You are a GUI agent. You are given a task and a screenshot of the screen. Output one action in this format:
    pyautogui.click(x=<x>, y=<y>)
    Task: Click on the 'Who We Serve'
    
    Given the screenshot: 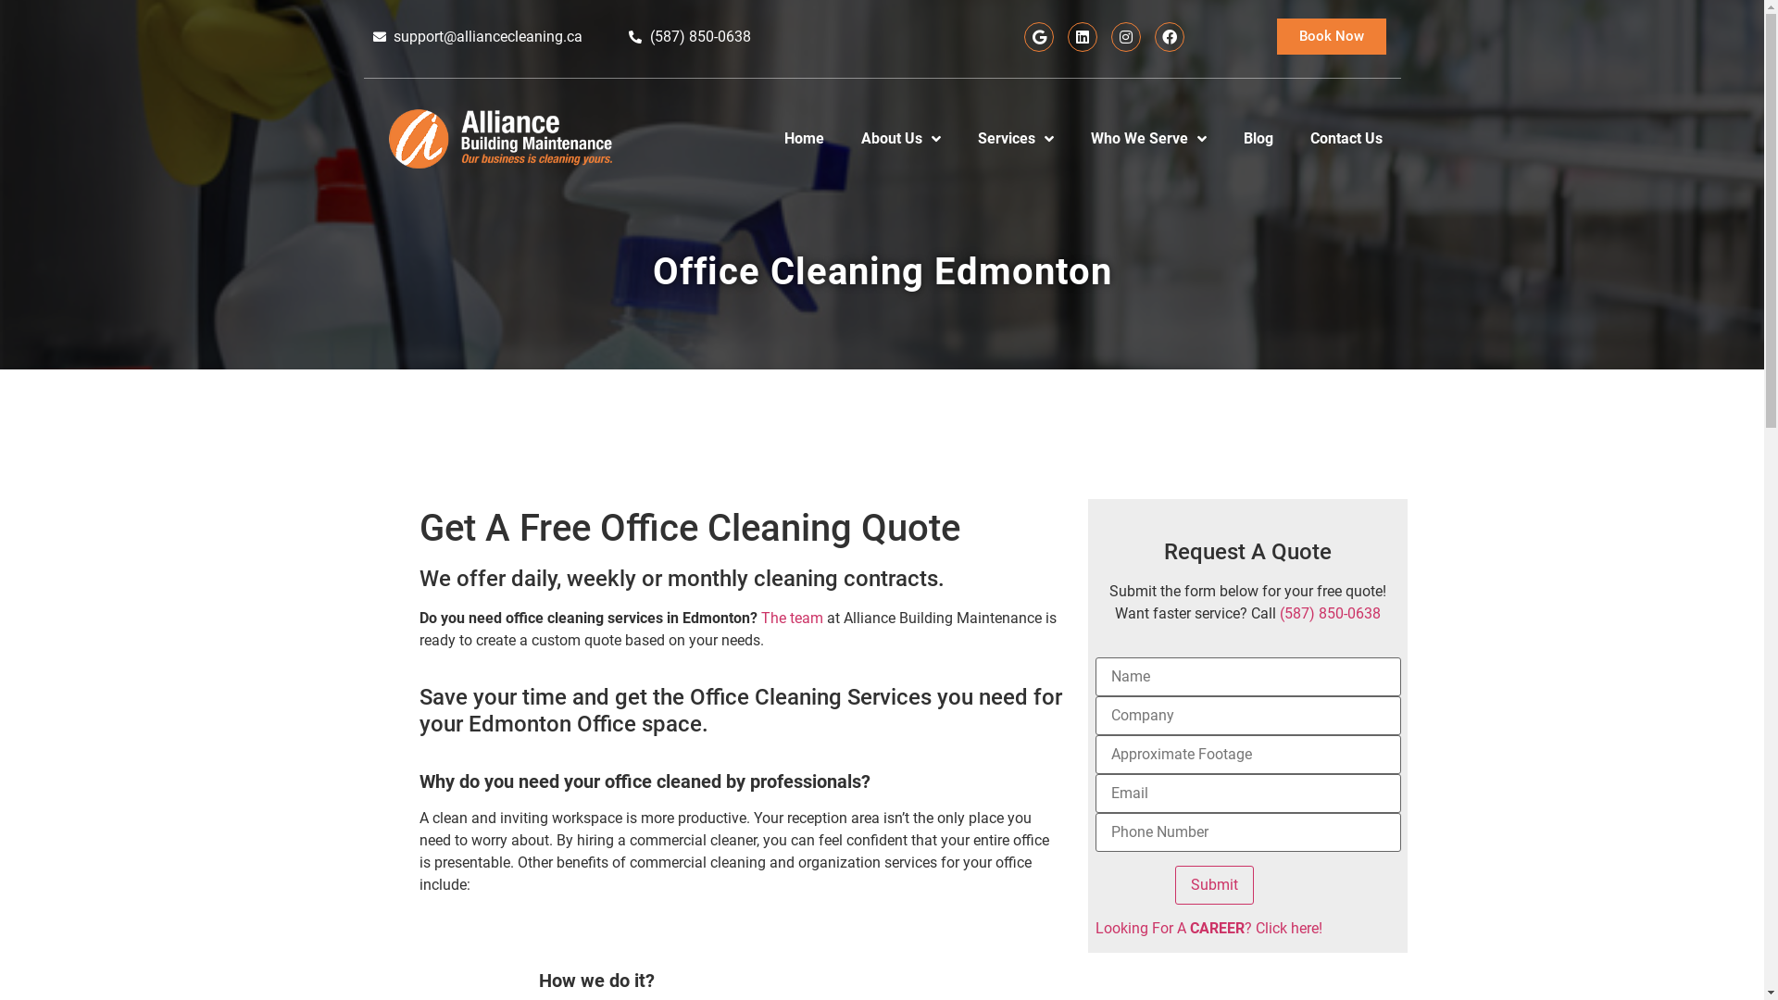 What is the action you would take?
    pyautogui.click(x=1147, y=139)
    